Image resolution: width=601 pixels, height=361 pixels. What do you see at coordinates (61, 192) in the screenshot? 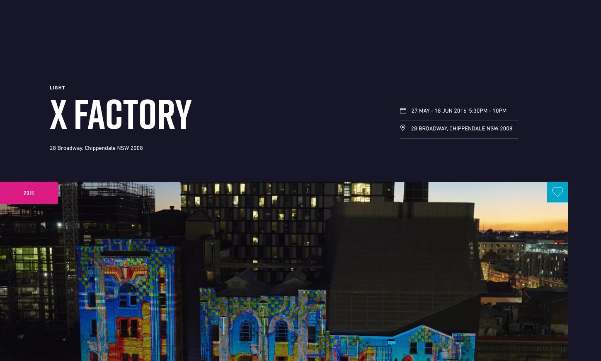
I see `'Acknowledgement Of Country'` at bounding box center [61, 192].